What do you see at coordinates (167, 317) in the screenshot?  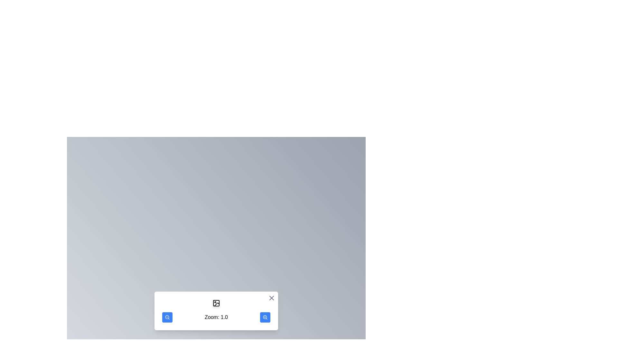 I see `the zoom out button located to the left of the text 'Zoom: 1.0'` at bounding box center [167, 317].